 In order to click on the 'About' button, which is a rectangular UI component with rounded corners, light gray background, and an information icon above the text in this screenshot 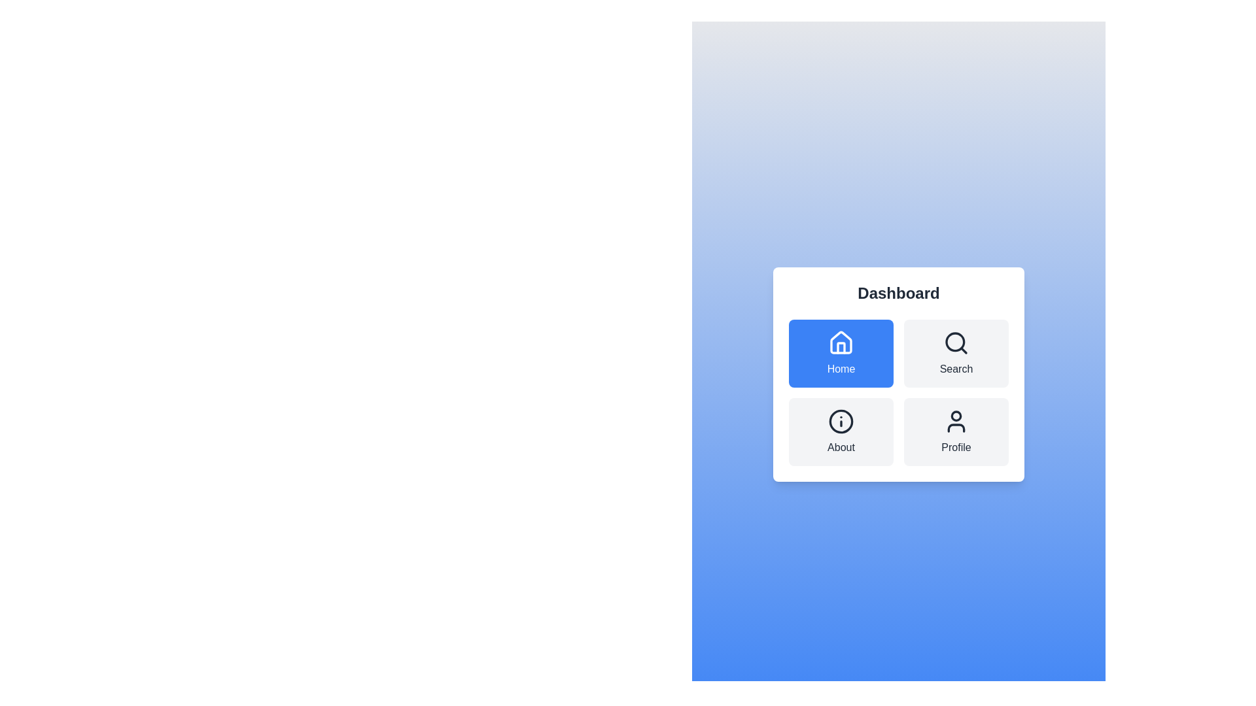, I will do `click(841, 431)`.